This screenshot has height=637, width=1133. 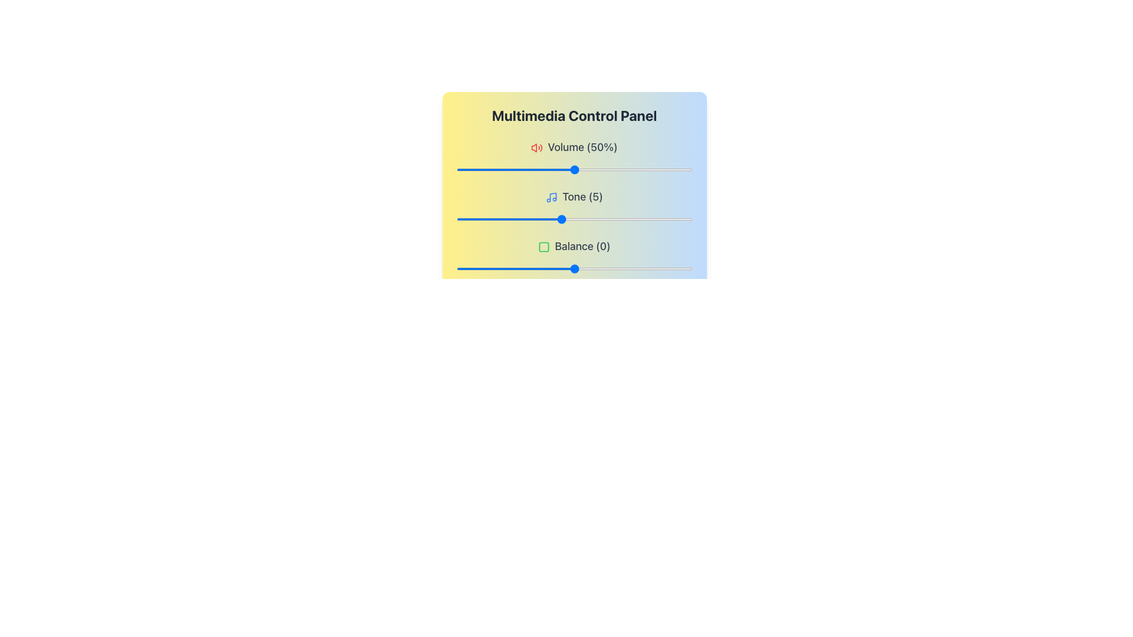 I want to click on the balance, so click(x=640, y=268).